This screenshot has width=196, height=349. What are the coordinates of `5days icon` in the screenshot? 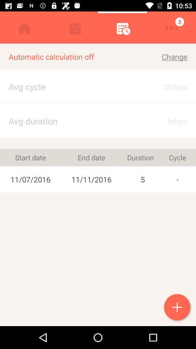 It's located at (168, 121).